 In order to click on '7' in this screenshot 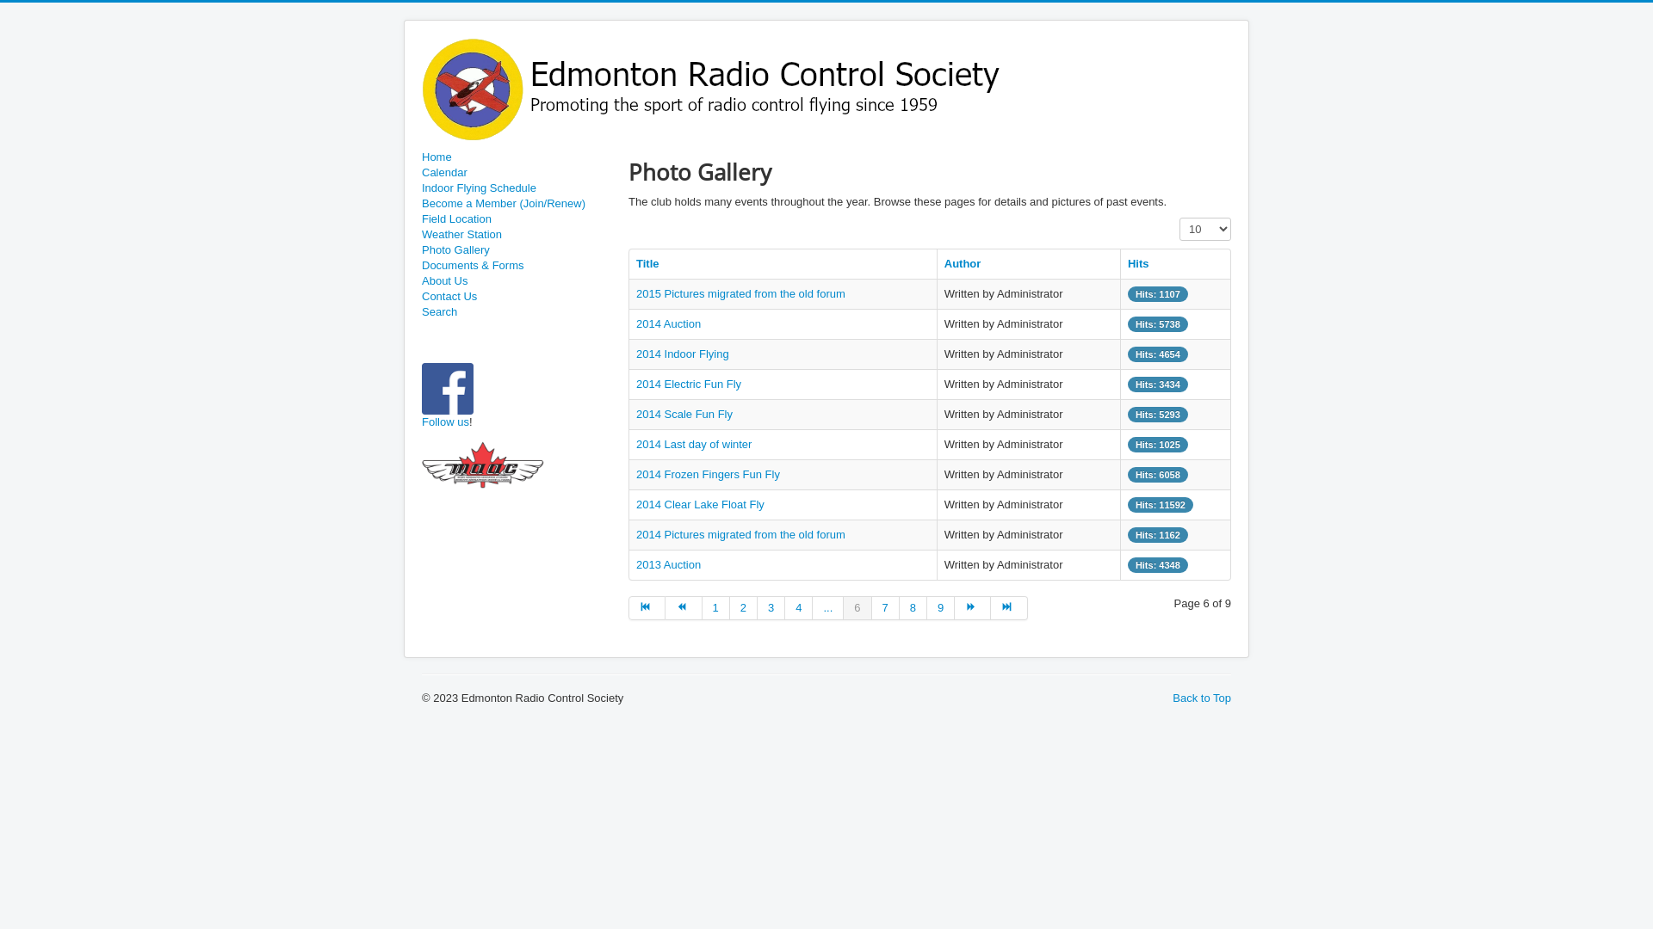, I will do `click(885, 606)`.